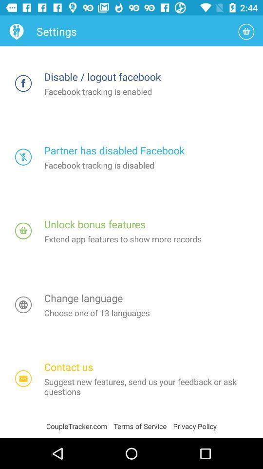 The width and height of the screenshot is (263, 469). Describe the element at coordinates (23, 304) in the screenshot. I see `the globe icon` at that location.